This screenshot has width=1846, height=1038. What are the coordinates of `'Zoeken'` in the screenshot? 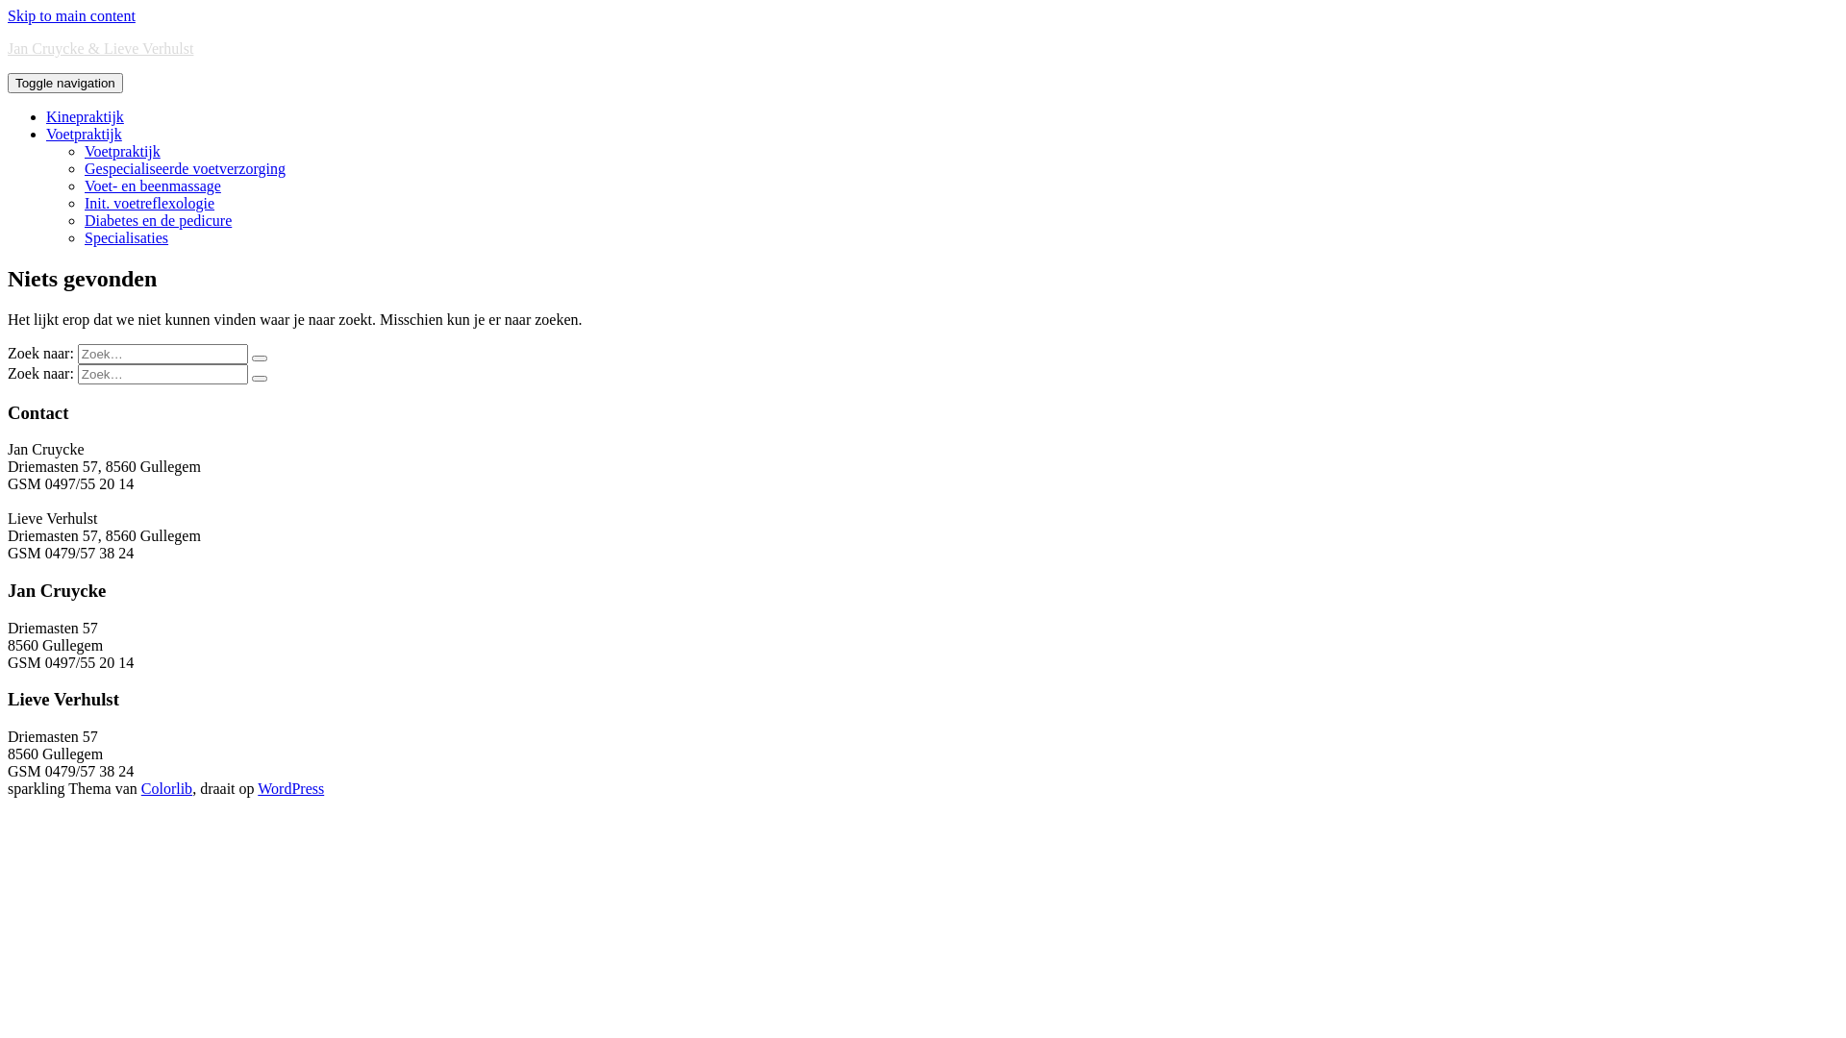 It's located at (258, 378).